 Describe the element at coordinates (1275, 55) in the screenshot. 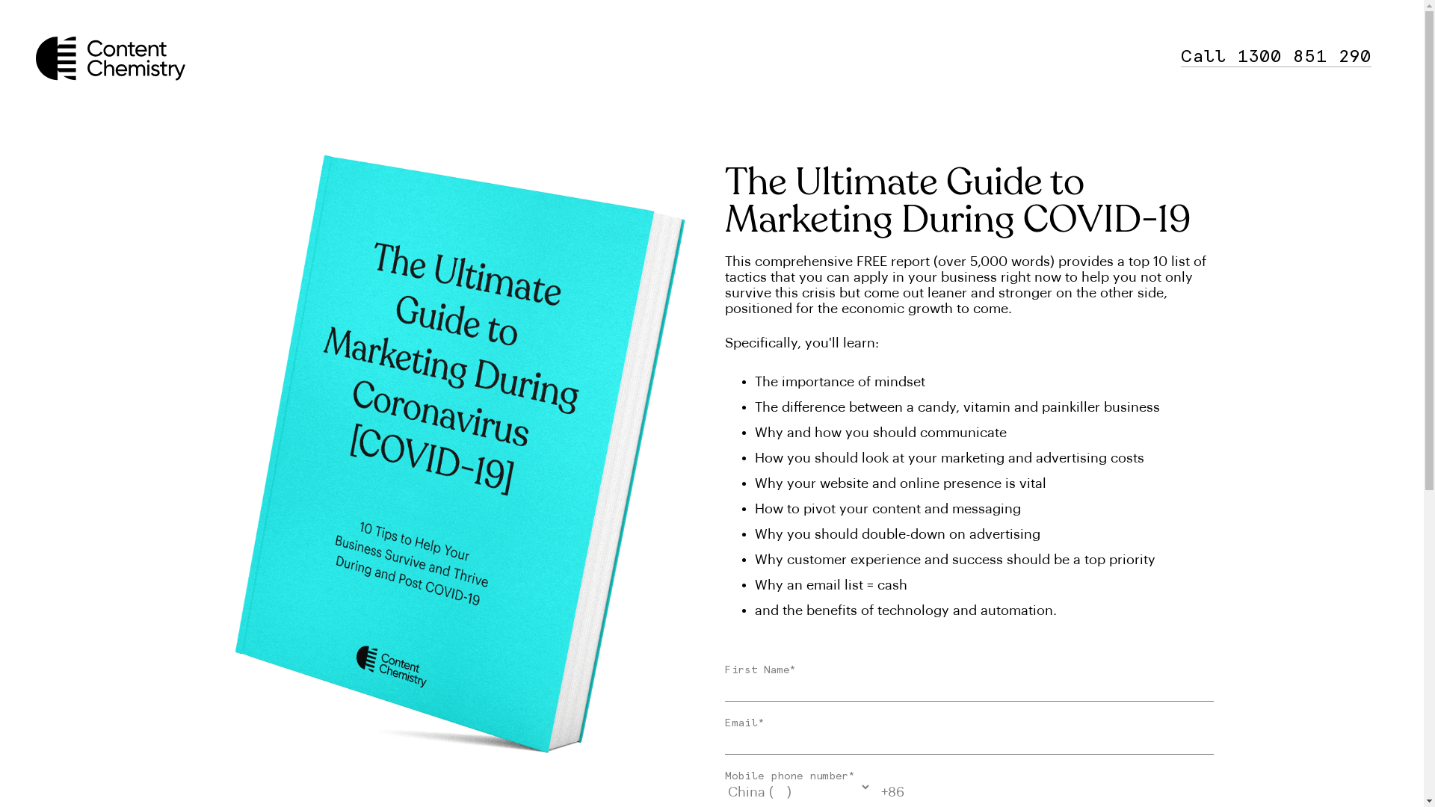

I see `'Call 1300 851 290'` at that location.